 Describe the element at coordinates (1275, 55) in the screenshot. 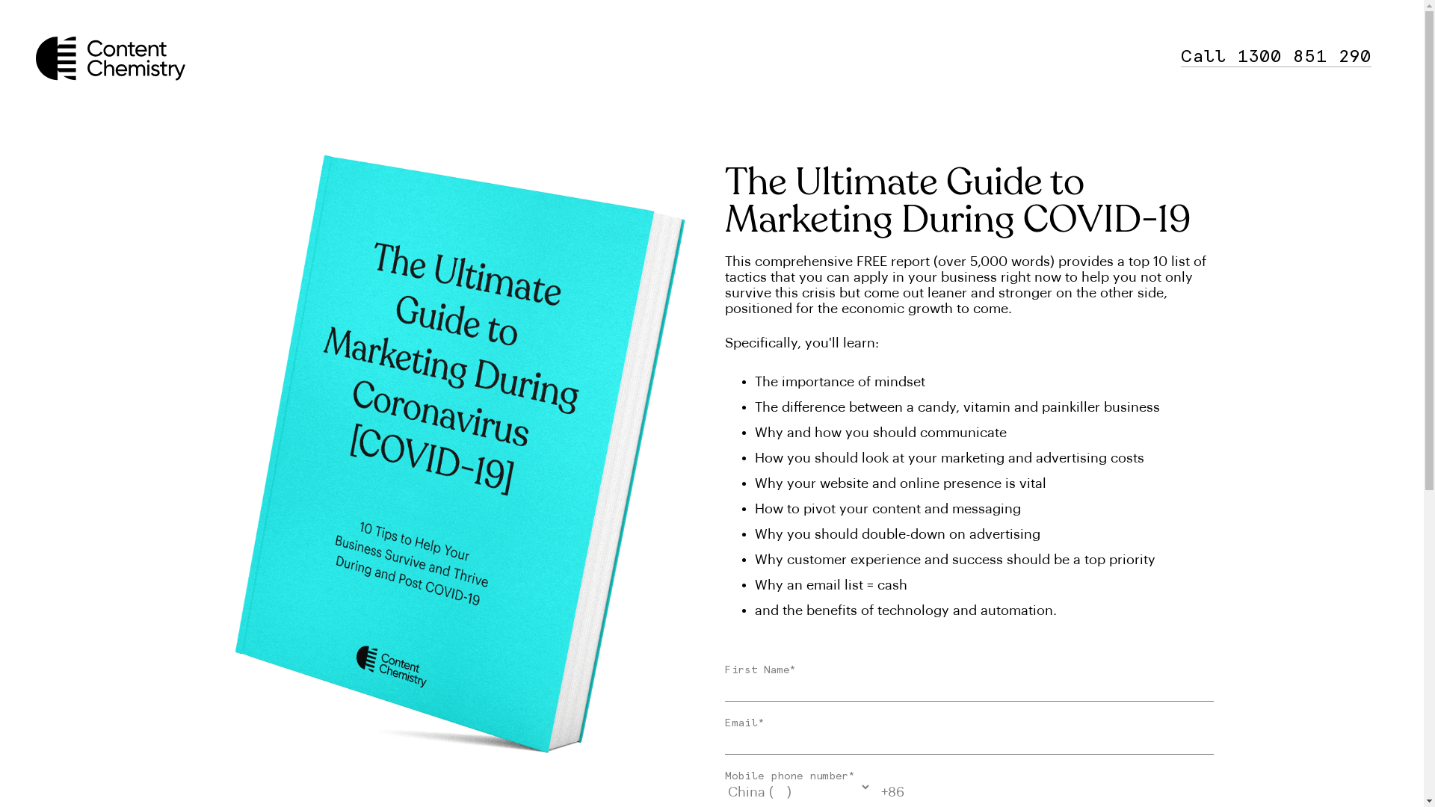

I see `'Call 1300 851 290'` at that location.